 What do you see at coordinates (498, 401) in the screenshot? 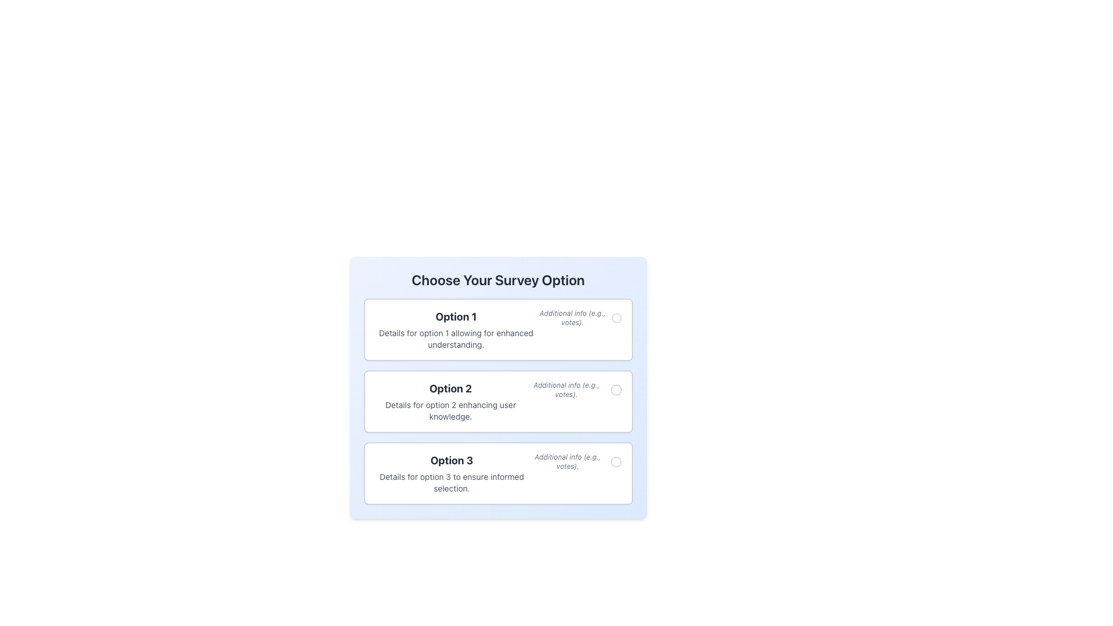
I see `the second option of the Selectable Option Group that presents a survey option for user selection` at bounding box center [498, 401].